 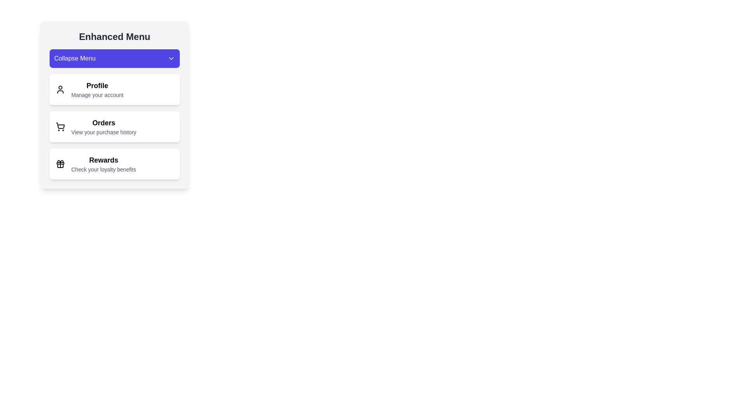 What do you see at coordinates (103, 132) in the screenshot?
I see `the text 'View your purchase history' located below the bolded text 'Orders' within a white card` at bounding box center [103, 132].